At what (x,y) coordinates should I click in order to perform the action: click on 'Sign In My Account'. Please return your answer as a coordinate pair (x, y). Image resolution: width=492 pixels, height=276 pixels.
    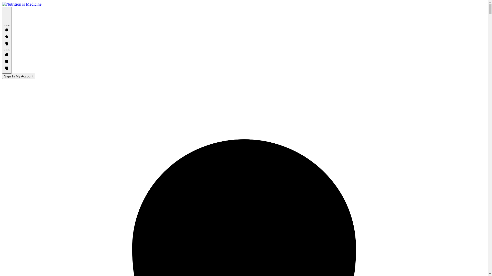
    Looking at the image, I should click on (18, 76).